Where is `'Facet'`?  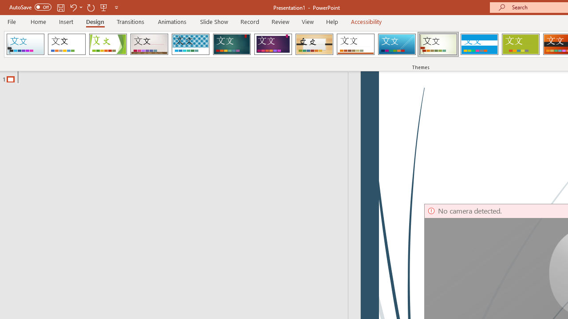 'Facet' is located at coordinates (107, 44).